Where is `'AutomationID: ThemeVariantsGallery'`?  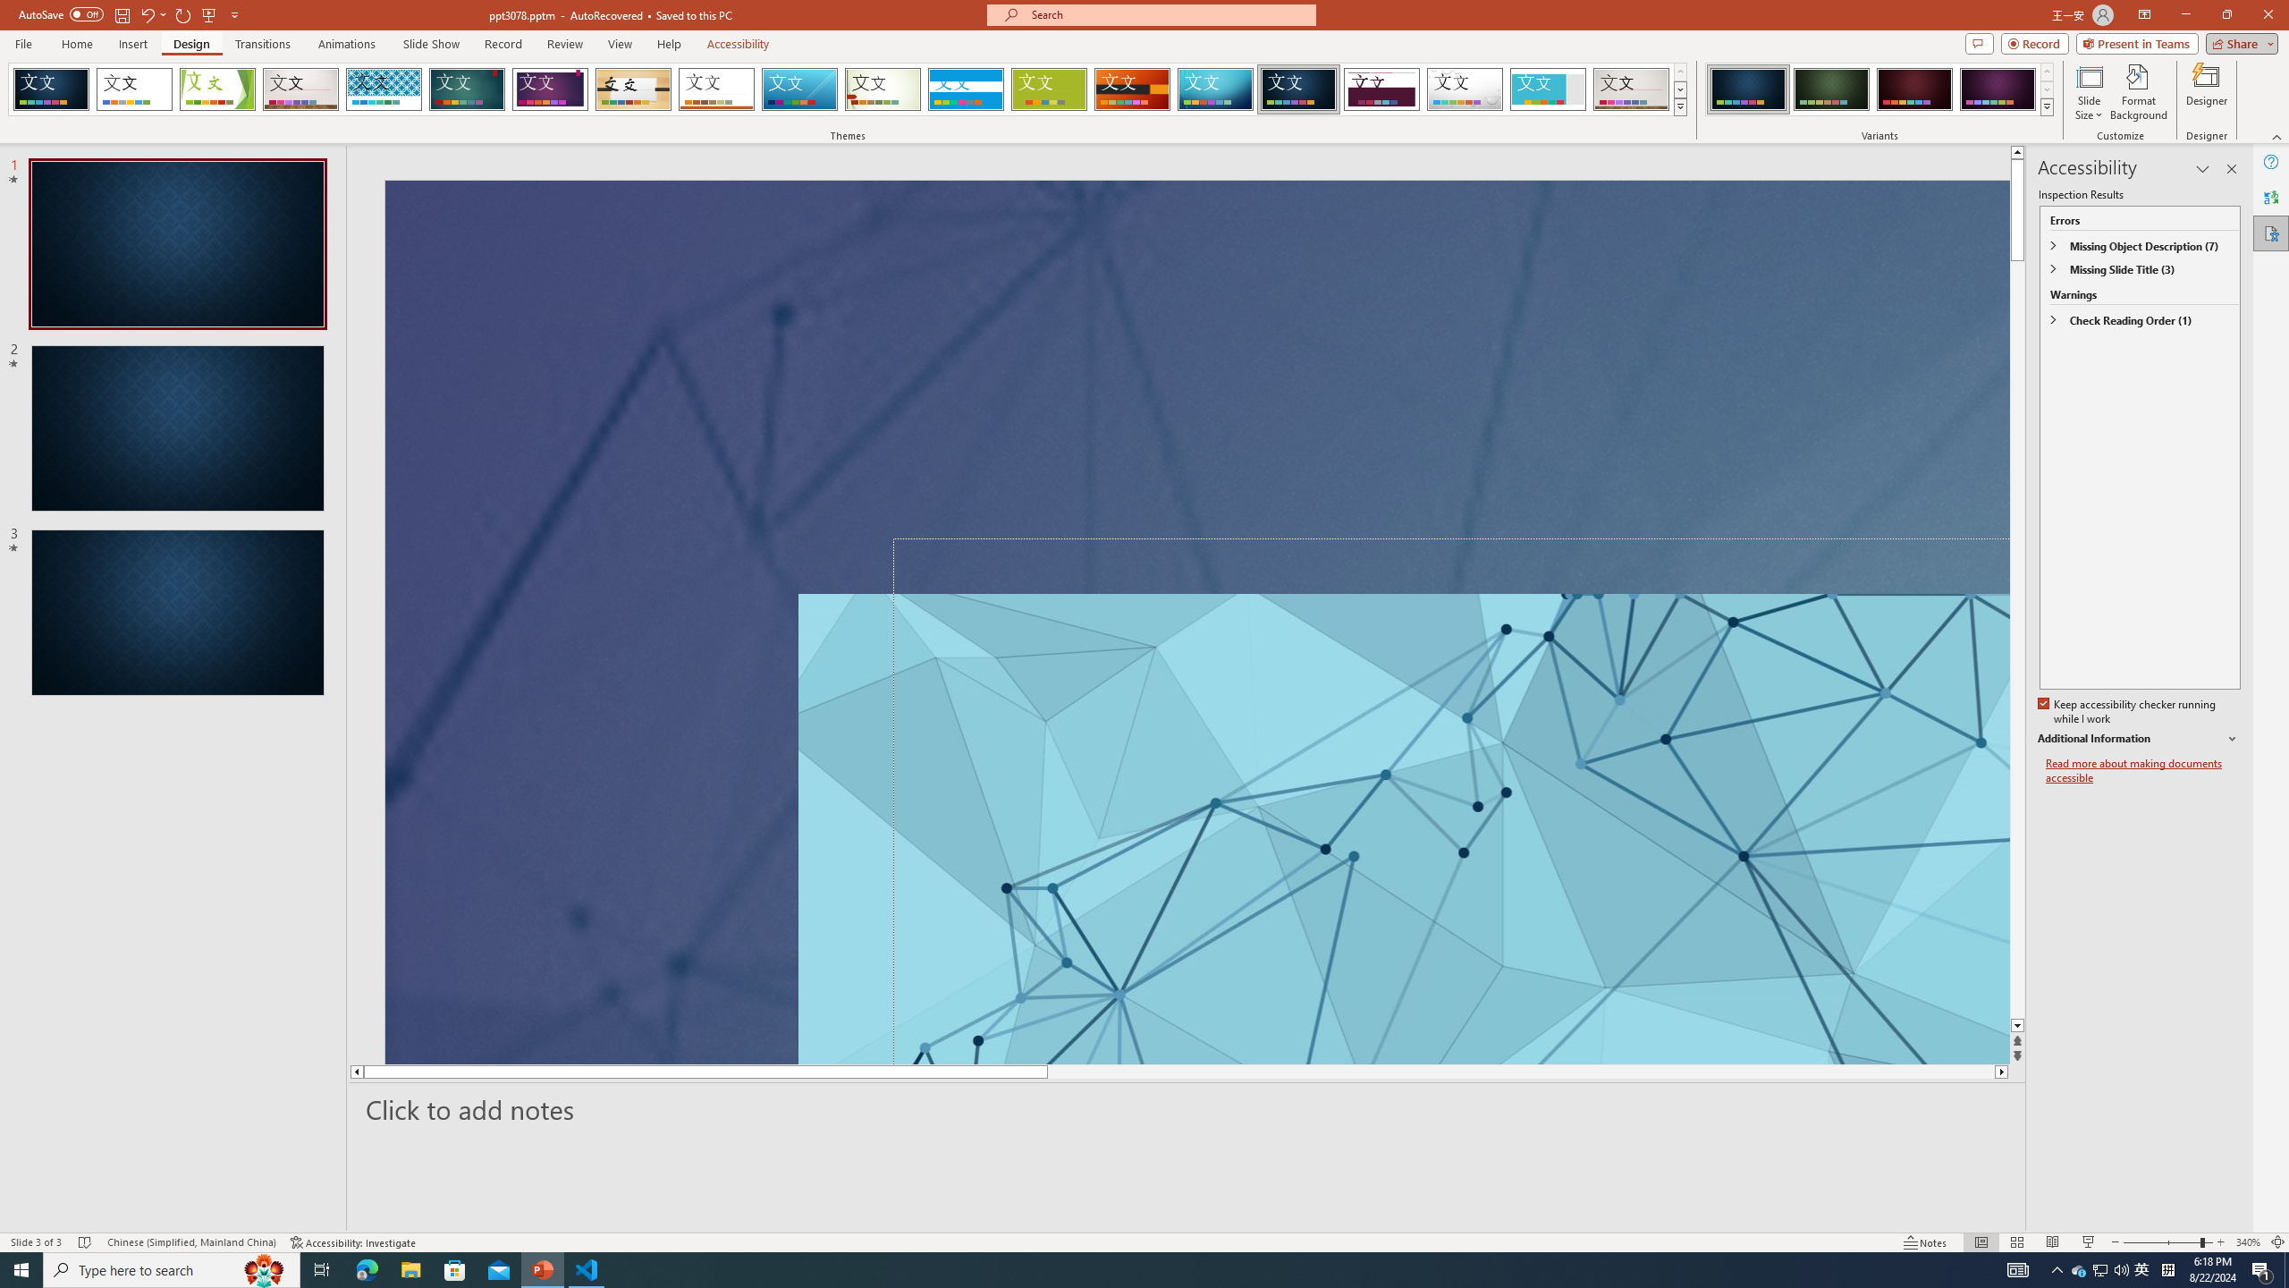 'AutomationID: ThemeVariantsGallery' is located at coordinates (1880, 89).